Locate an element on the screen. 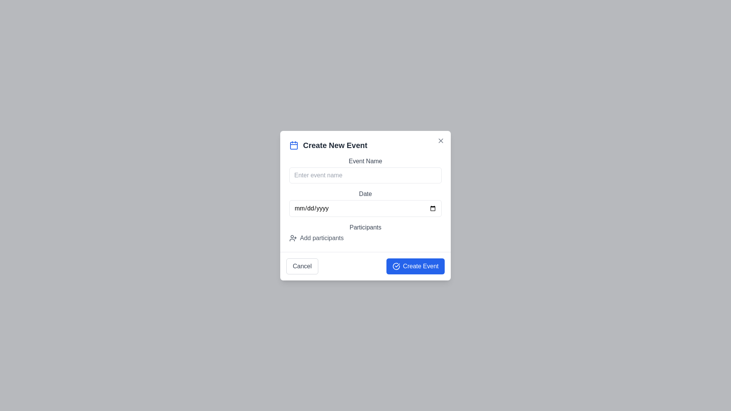 The width and height of the screenshot is (731, 411). the 'Create Event' button in the horizontal button group at the bottom of the modal dialog is located at coordinates (365, 265).